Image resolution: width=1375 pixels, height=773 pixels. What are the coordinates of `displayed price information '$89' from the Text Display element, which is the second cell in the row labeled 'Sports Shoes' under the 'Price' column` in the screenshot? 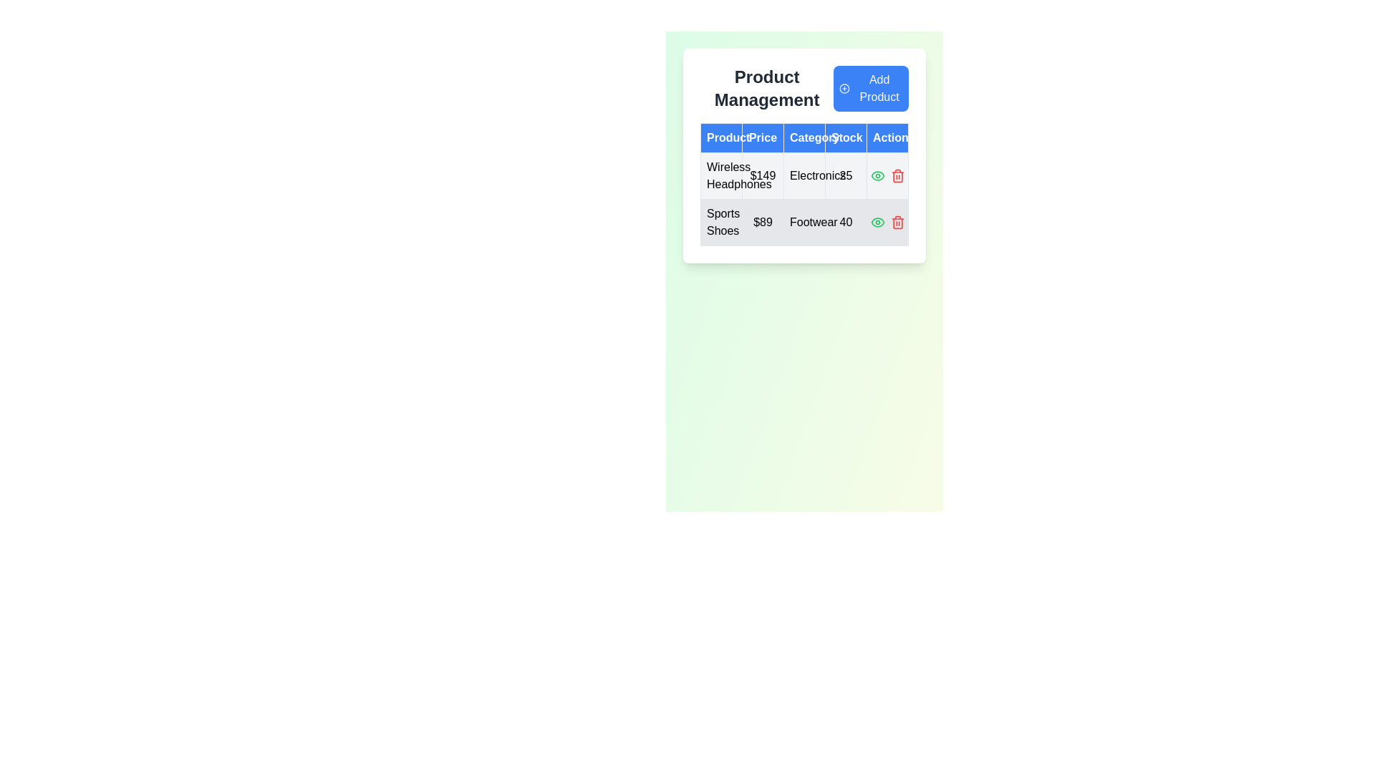 It's located at (762, 223).